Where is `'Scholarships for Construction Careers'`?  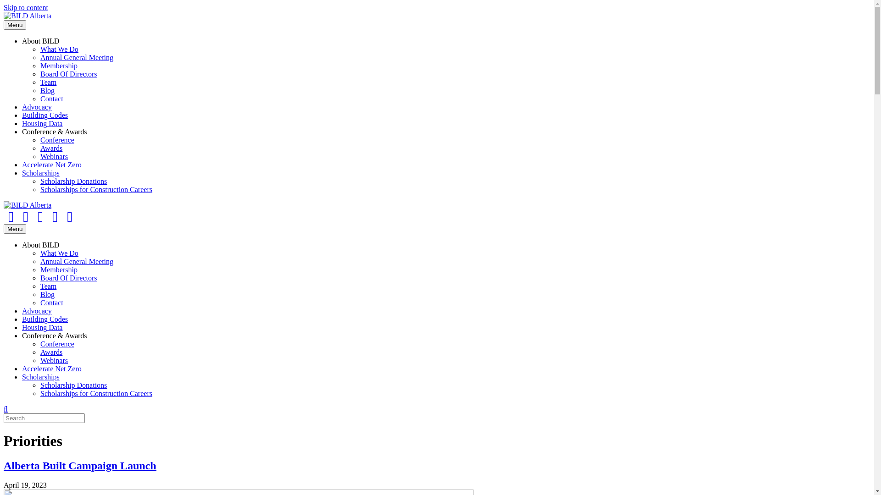 'Scholarships for Construction Careers' is located at coordinates (96, 189).